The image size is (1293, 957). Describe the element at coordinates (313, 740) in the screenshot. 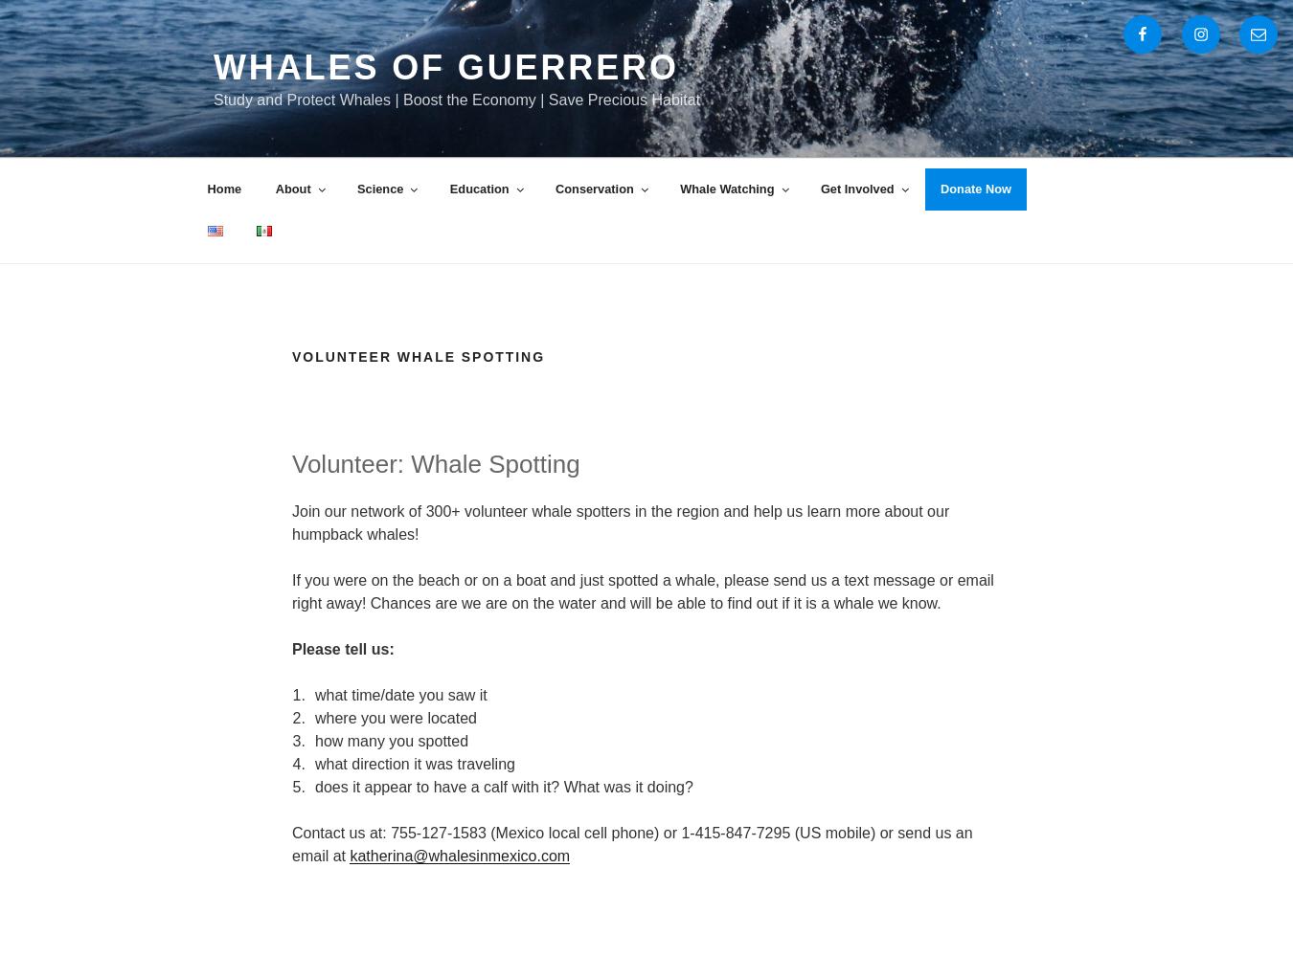

I see `'how many you spotted'` at that location.